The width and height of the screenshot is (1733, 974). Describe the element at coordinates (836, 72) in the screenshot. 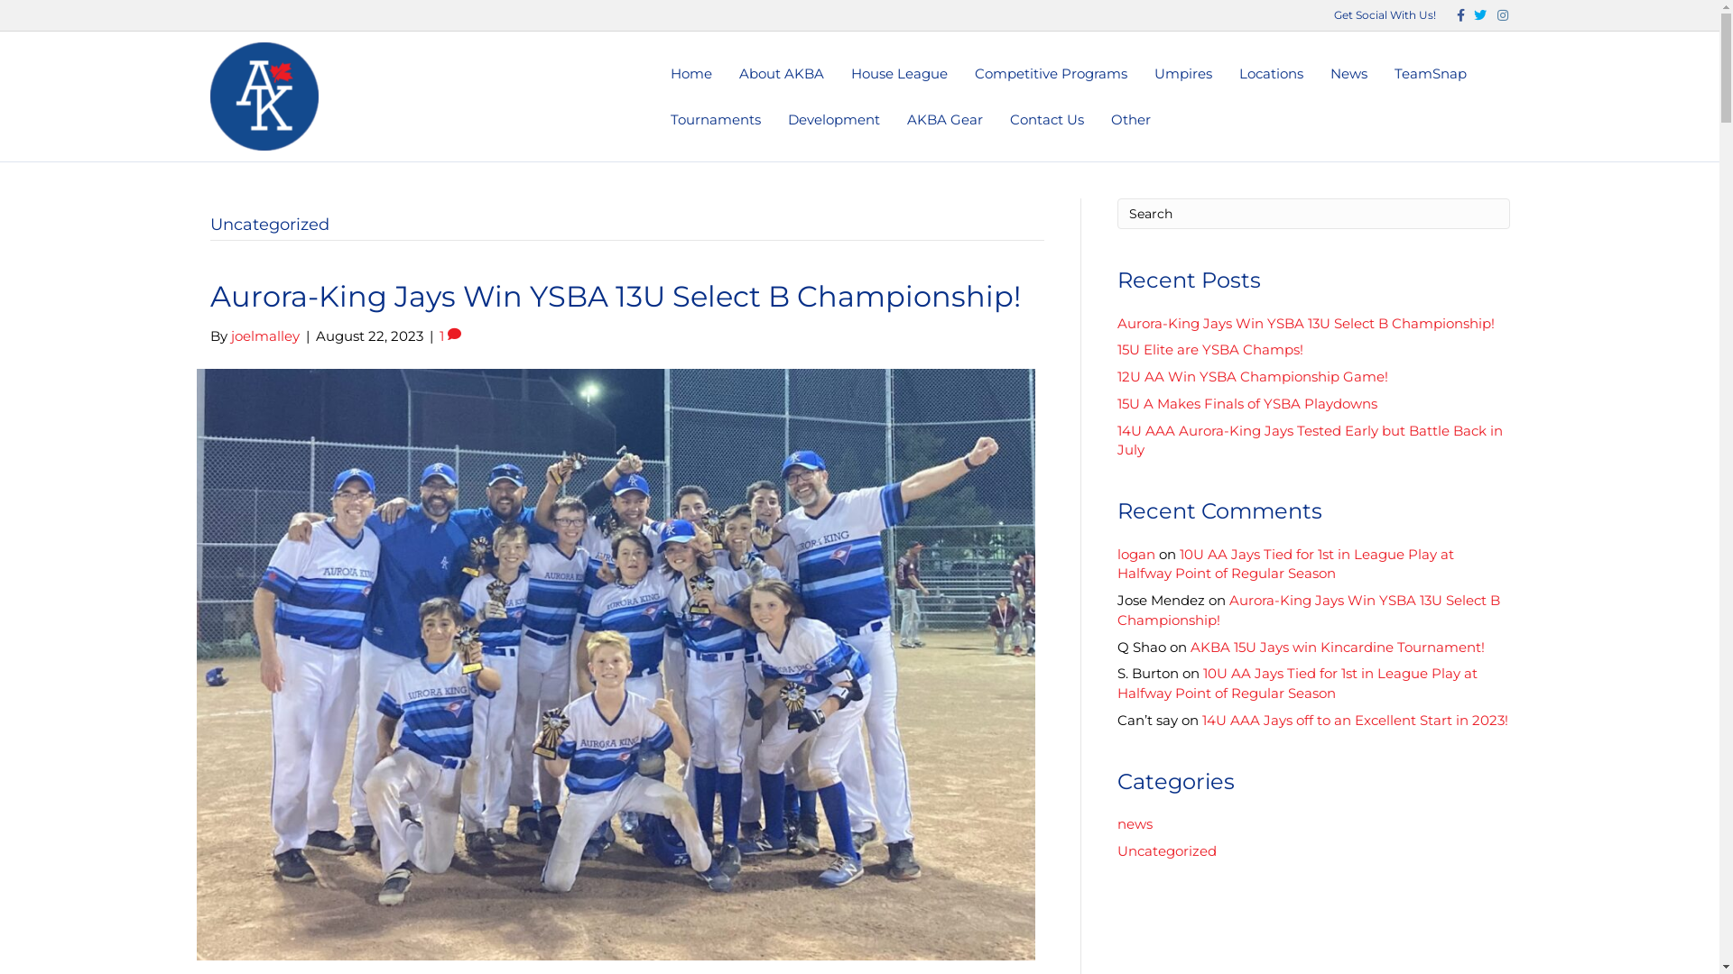

I see `'House League'` at that location.